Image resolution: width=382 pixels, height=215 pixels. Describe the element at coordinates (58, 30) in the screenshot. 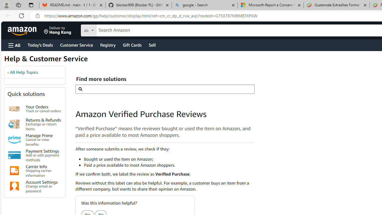

I see `'Deliver to Hong Kong'` at that location.